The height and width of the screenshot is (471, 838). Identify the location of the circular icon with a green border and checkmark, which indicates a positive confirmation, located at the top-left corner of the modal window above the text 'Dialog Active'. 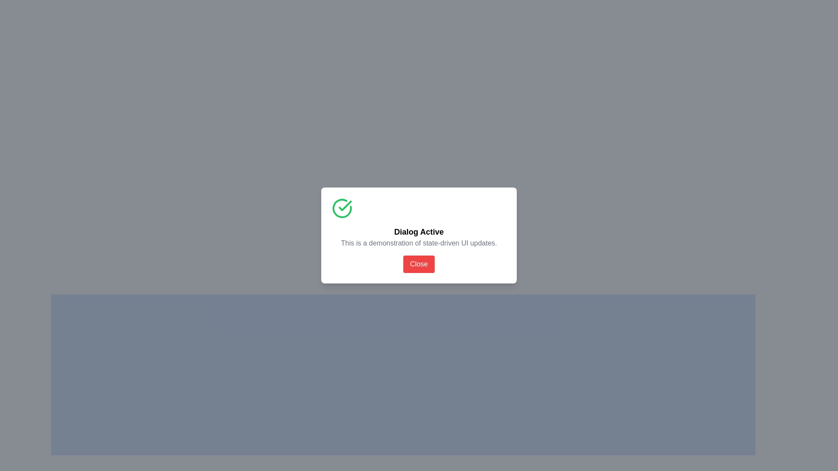
(341, 208).